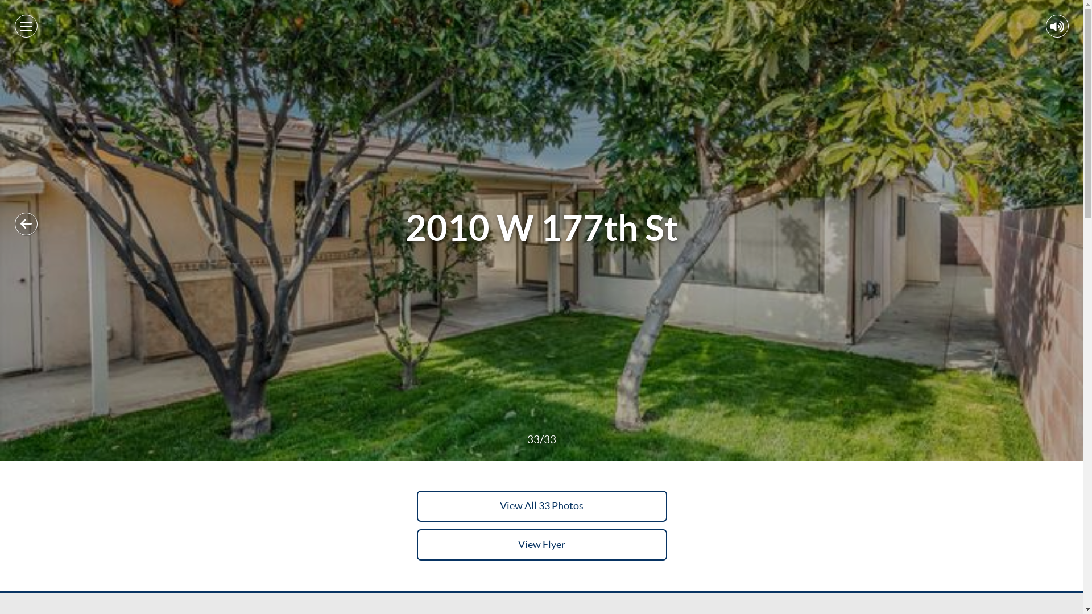 This screenshot has height=614, width=1092. I want to click on 'View Flyer', so click(540, 544).